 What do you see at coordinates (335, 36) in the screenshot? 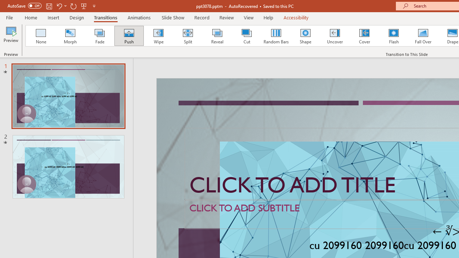
I see `'Uncover'` at bounding box center [335, 36].